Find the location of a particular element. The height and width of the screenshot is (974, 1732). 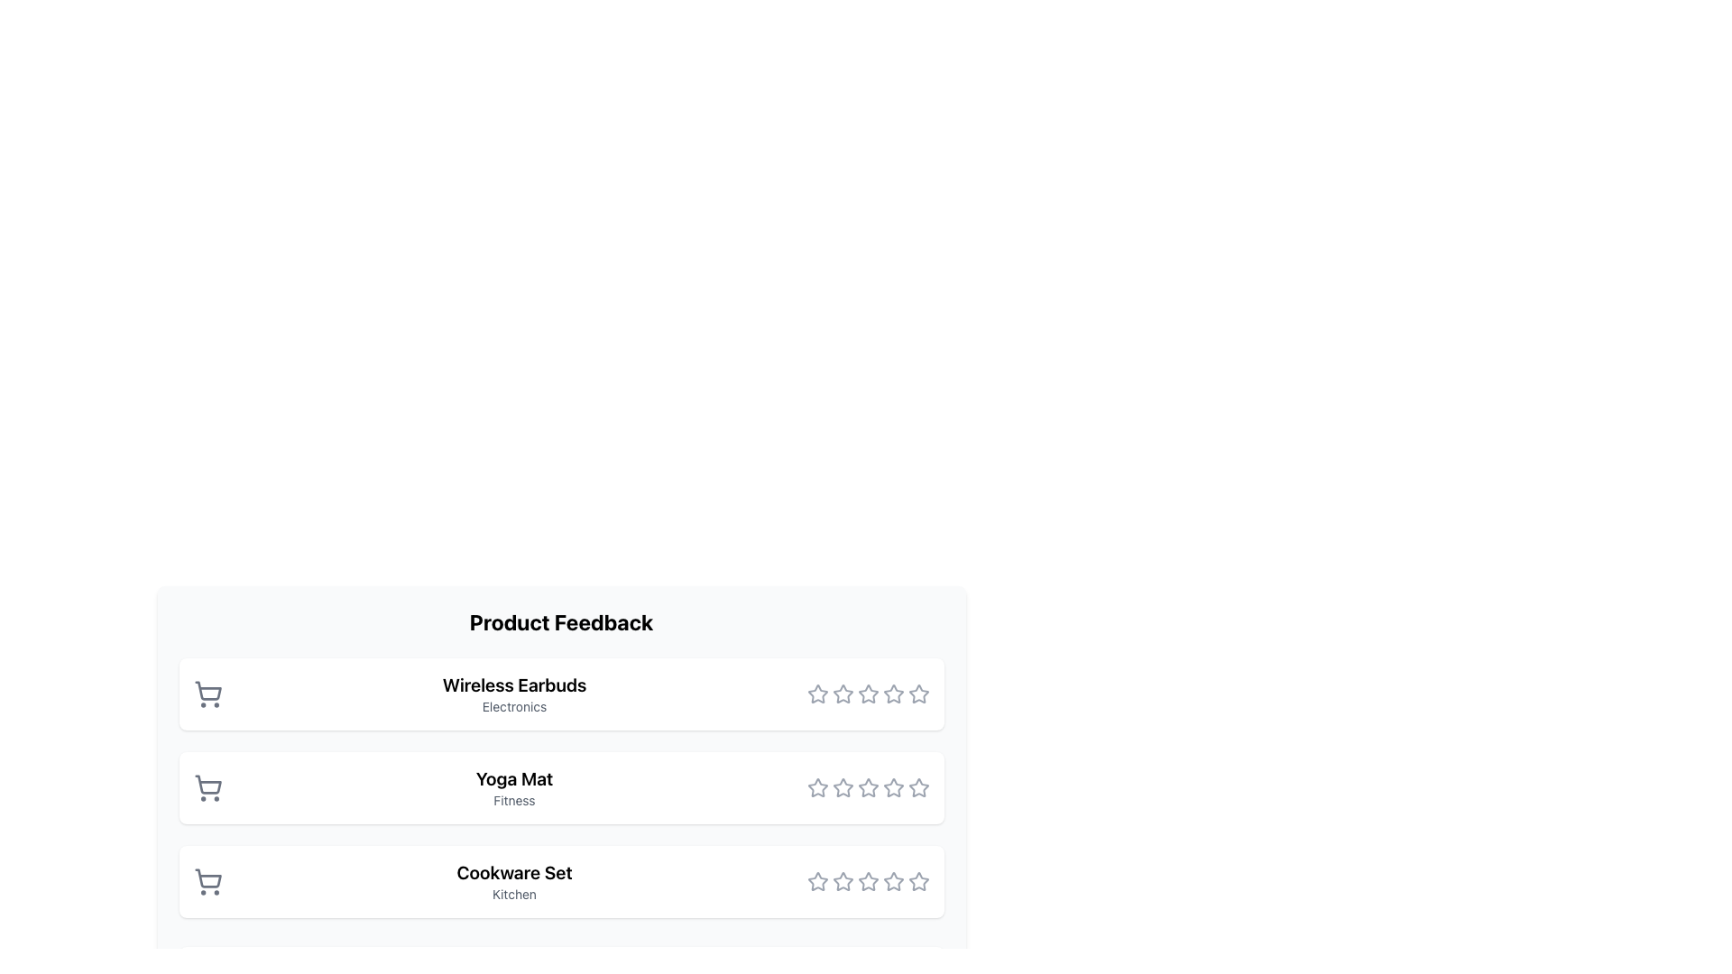

the first star-shaped rating icon in the rating section below the 'Yoga Mat' label to trigger a tooltip or preview effect is located at coordinates (816, 786).